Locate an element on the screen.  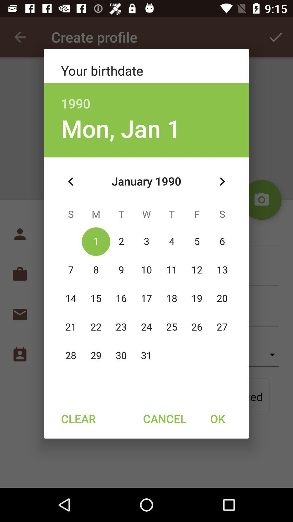
1990 icon is located at coordinates (146, 98).